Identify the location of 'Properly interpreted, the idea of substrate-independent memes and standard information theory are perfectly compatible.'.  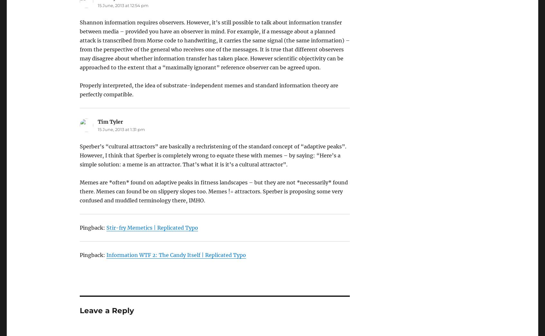
(208, 90).